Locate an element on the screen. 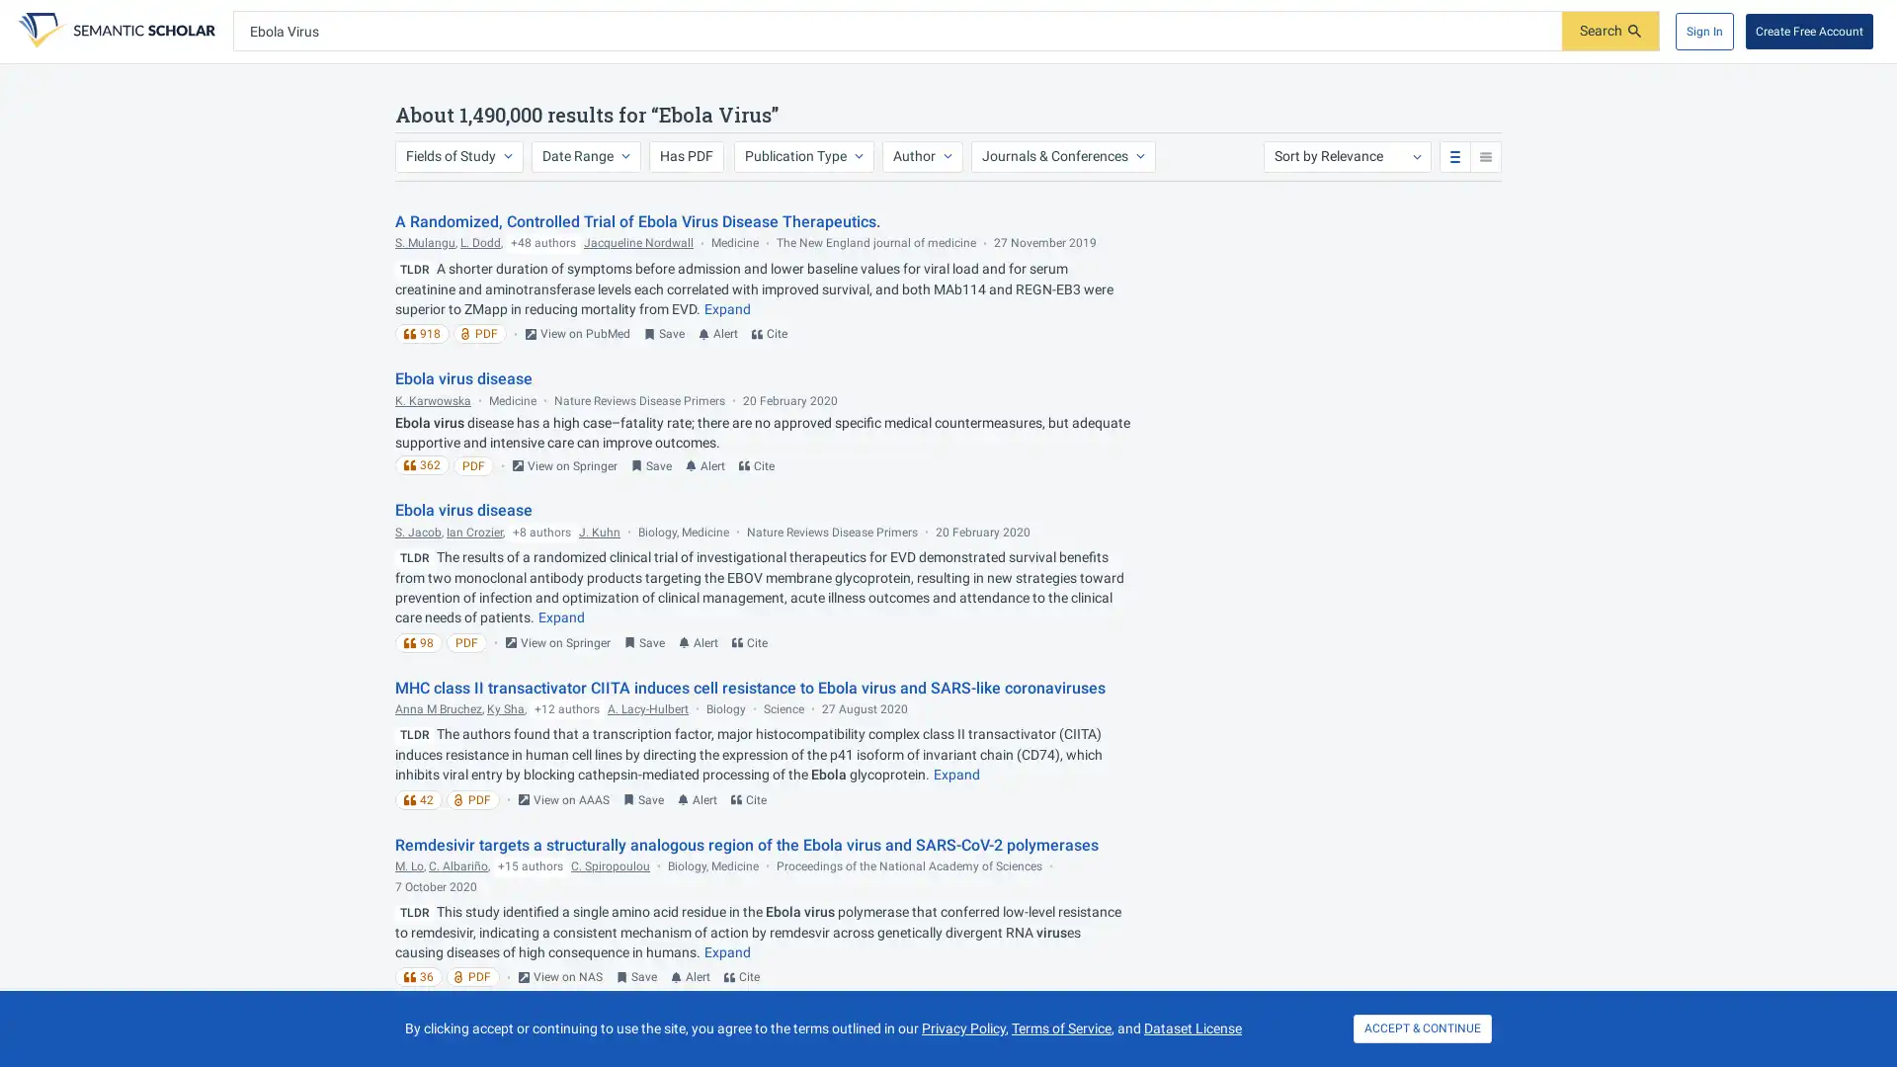 This screenshot has width=1897, height=1067. ACCEPT & CONTINUE is located at coordinates (1423, 1027).